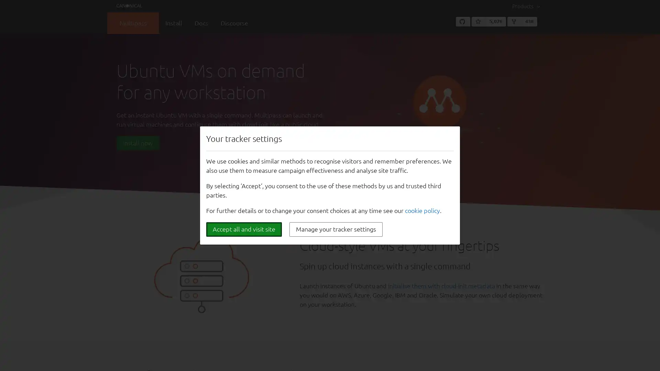  I want to click on Accept all and visit site, so click(244, 229).